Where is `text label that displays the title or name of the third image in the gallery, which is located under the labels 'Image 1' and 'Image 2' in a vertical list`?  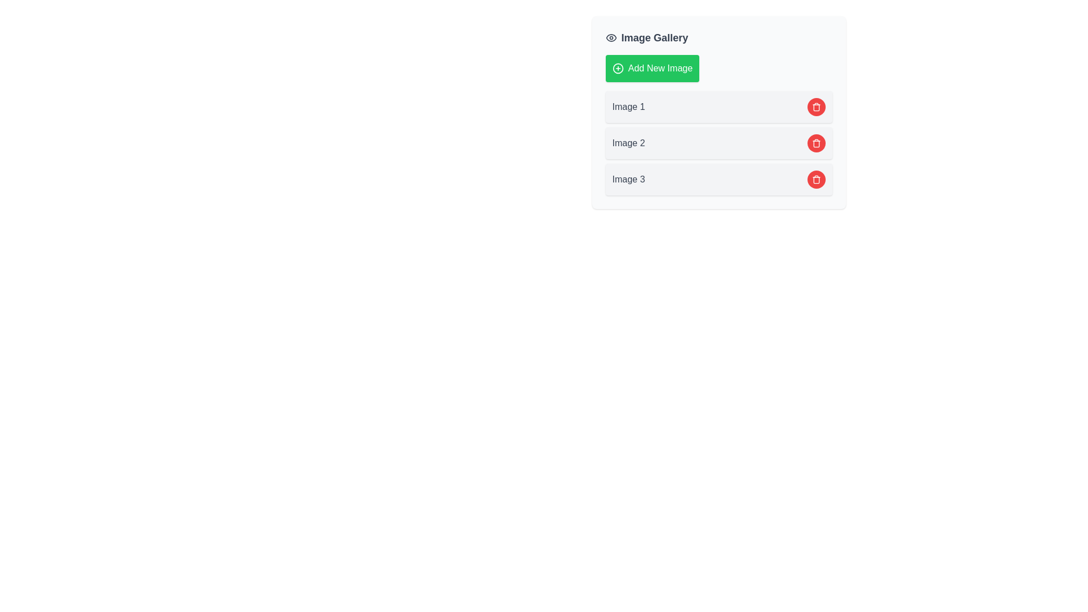
text label that displays the title or name of the third image in the gallery, which is located under the labels 'Image 1' and 'Image 2' in a vertical list is located at coordinates (628, 178).